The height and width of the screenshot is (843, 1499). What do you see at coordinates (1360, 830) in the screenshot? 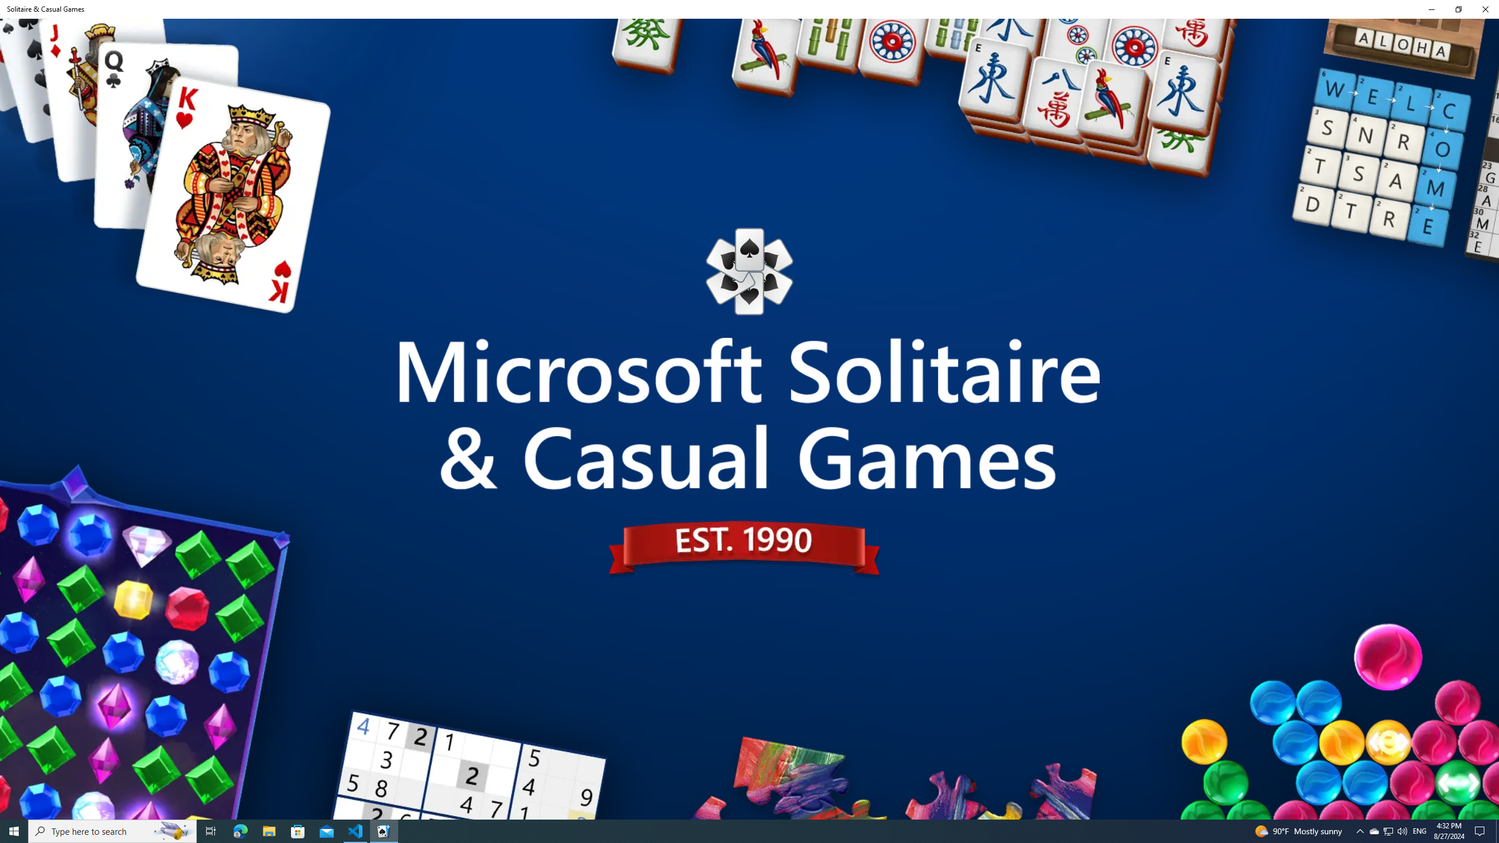
I see `'Notification Chevron'` at bounding box center [1360, 830].